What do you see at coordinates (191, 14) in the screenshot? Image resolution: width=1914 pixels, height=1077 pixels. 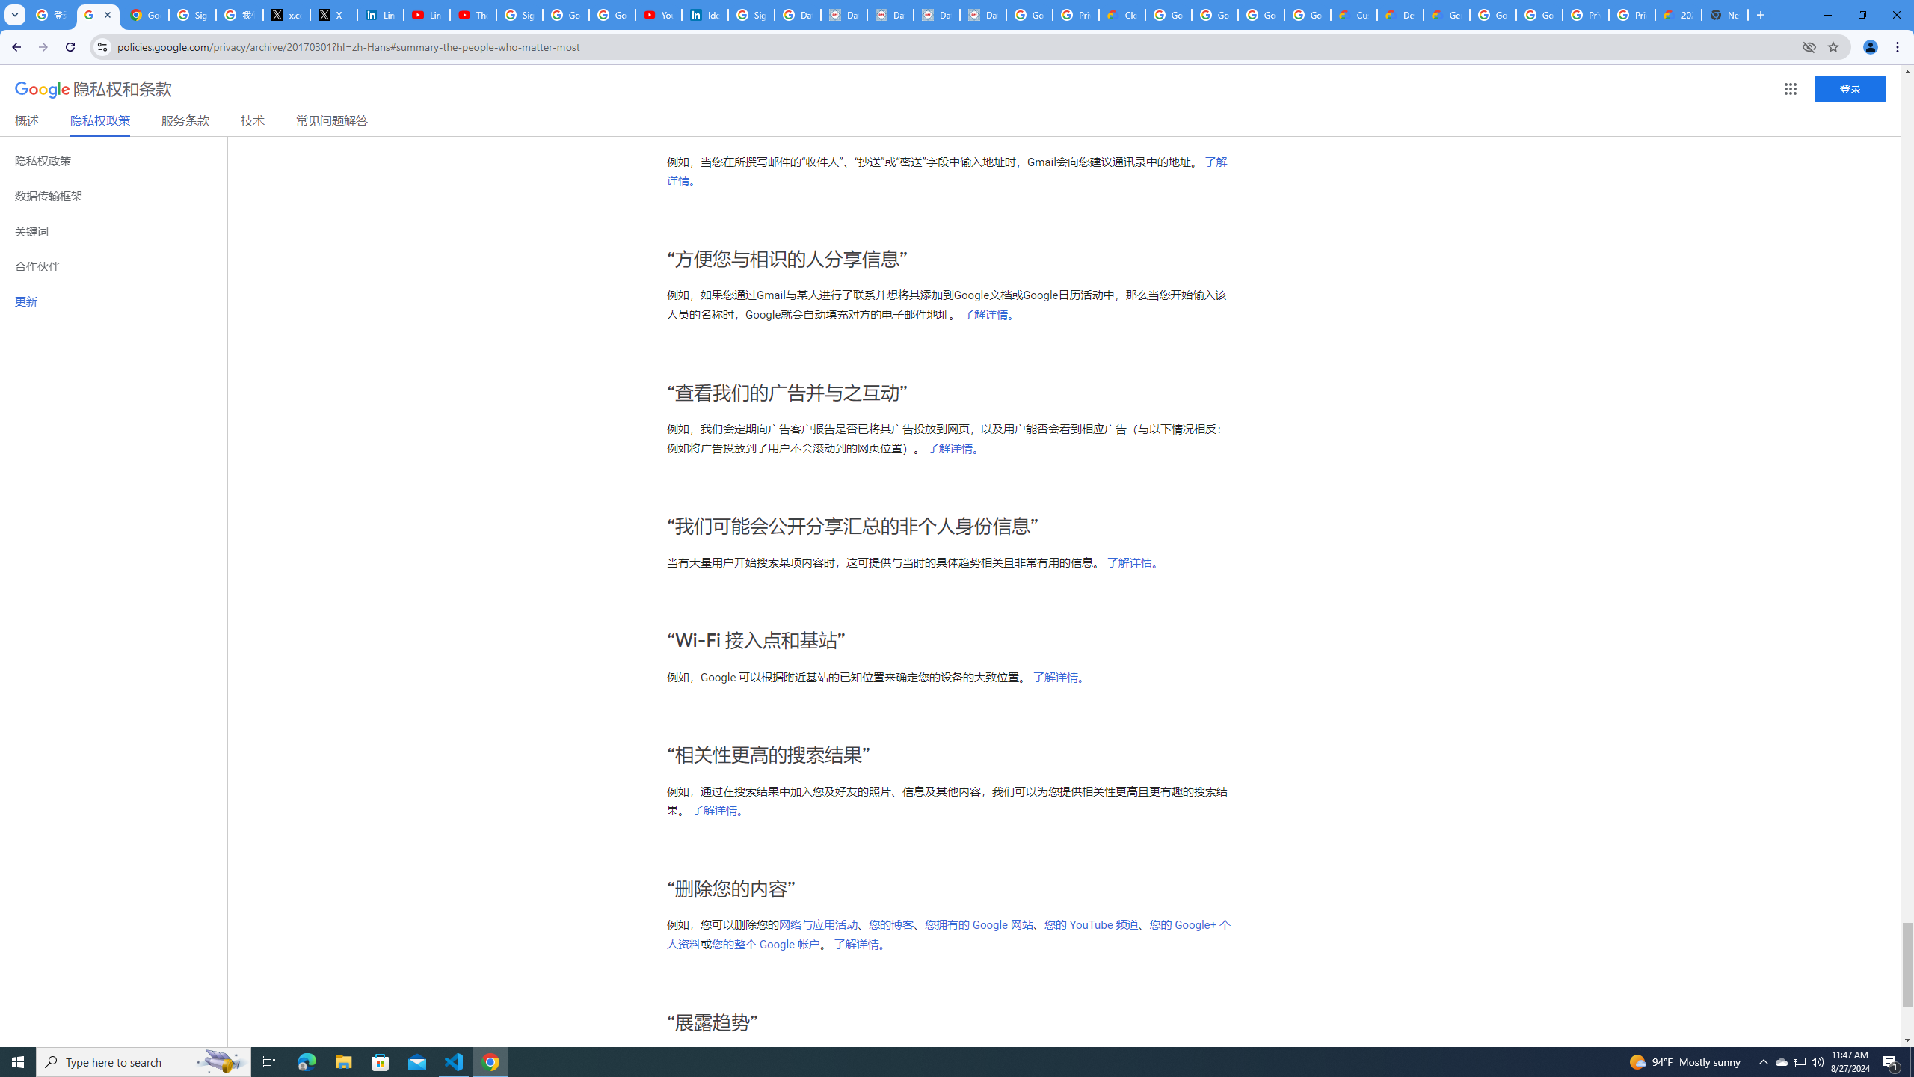 I see `'Sign in - Google Accounts'` at bounding box center [191, 14].